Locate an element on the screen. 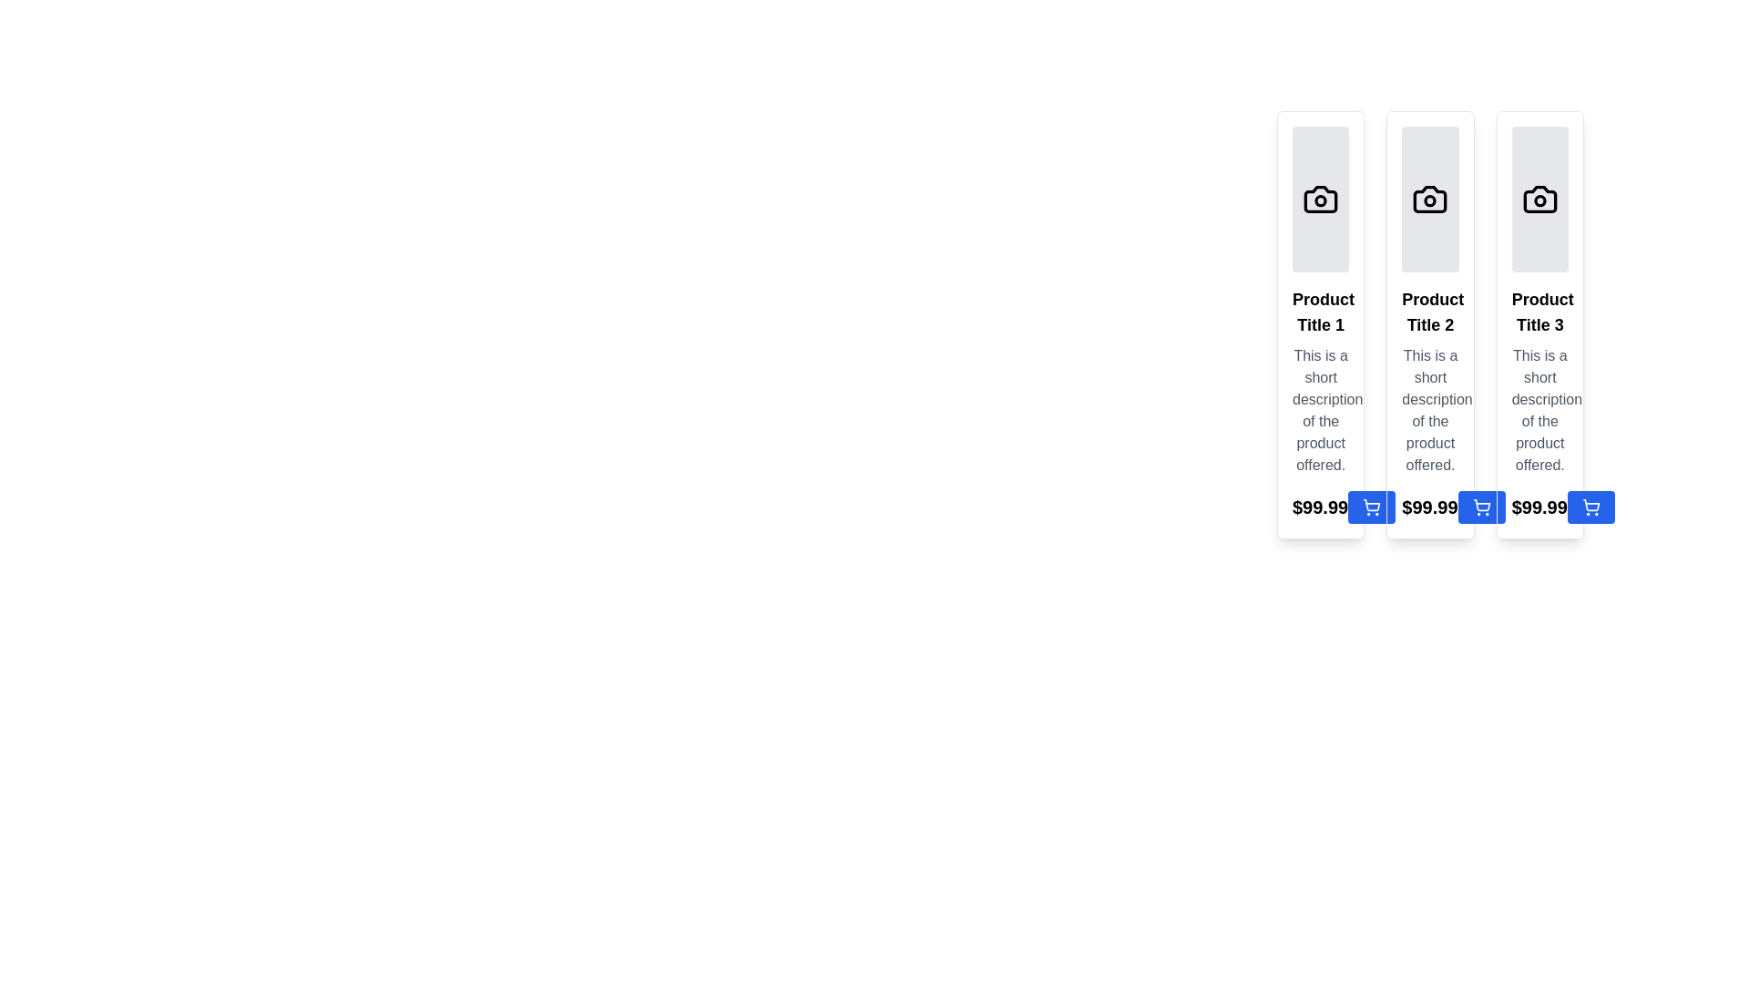  the product image icon located in the center of the second card from the left in a row of three cards is located at coordinates (1429, 200).